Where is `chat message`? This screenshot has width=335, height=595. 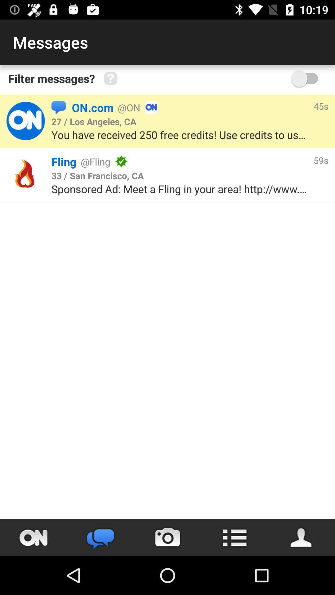 chat message is located at coordinates (33, 537).